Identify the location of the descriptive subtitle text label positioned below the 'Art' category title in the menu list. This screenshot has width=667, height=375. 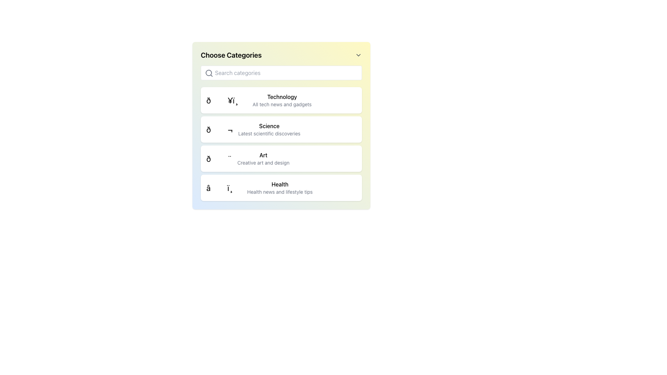
(263, 163).